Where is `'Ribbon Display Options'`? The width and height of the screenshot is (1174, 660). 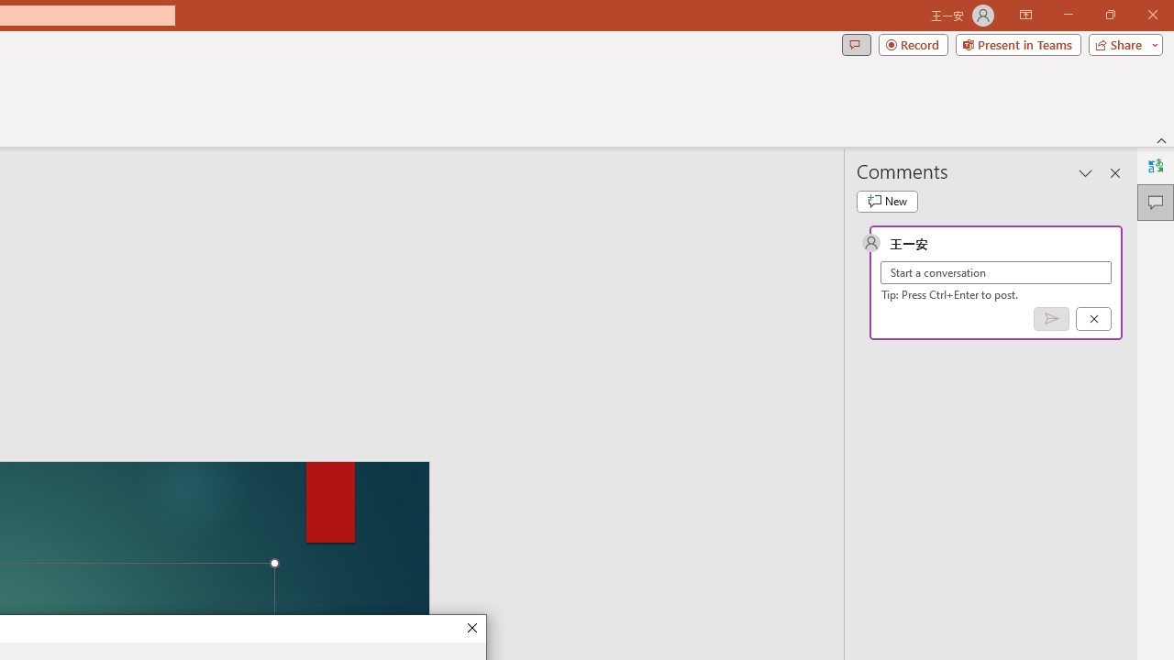
'Ribbon Display Options' is located at coordinates (1024, 15).